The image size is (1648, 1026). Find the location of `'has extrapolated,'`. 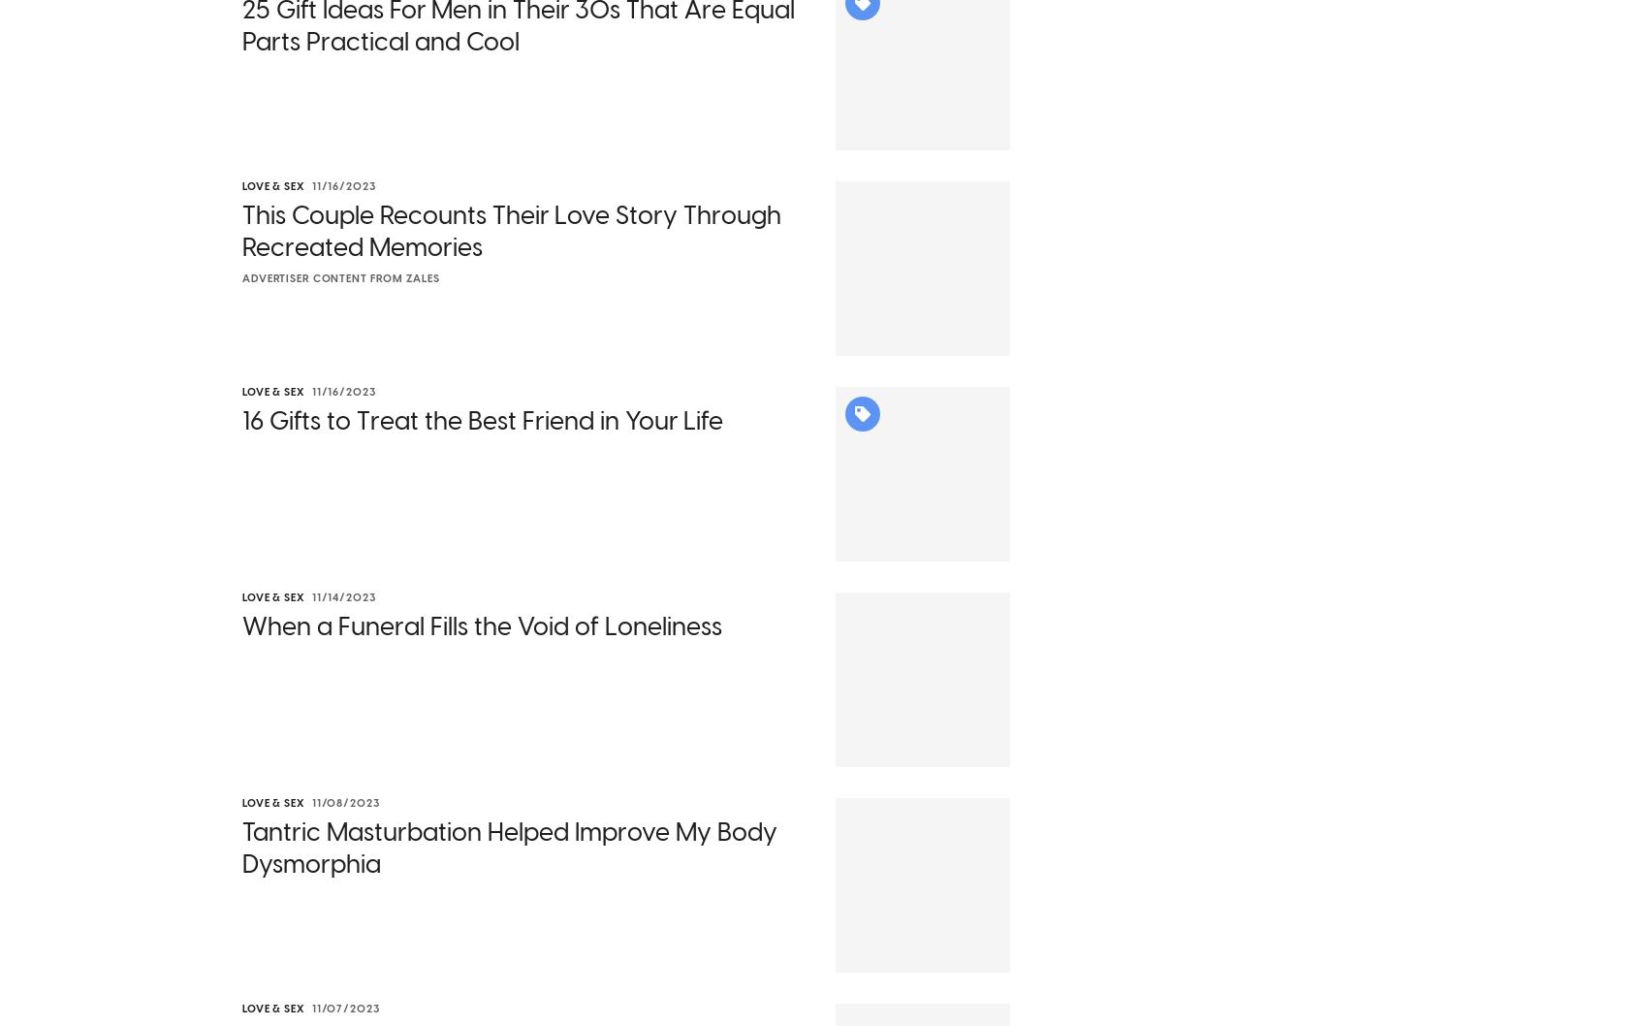

'has extrapolated,' is located at coordinates (710, 844).